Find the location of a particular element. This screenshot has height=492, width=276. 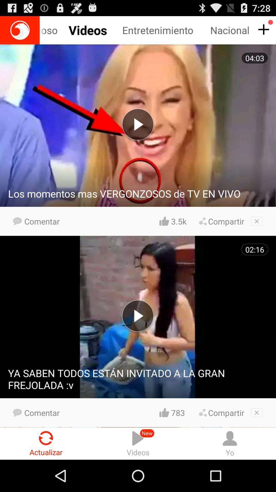

more info is located at coordinates (263, 29).